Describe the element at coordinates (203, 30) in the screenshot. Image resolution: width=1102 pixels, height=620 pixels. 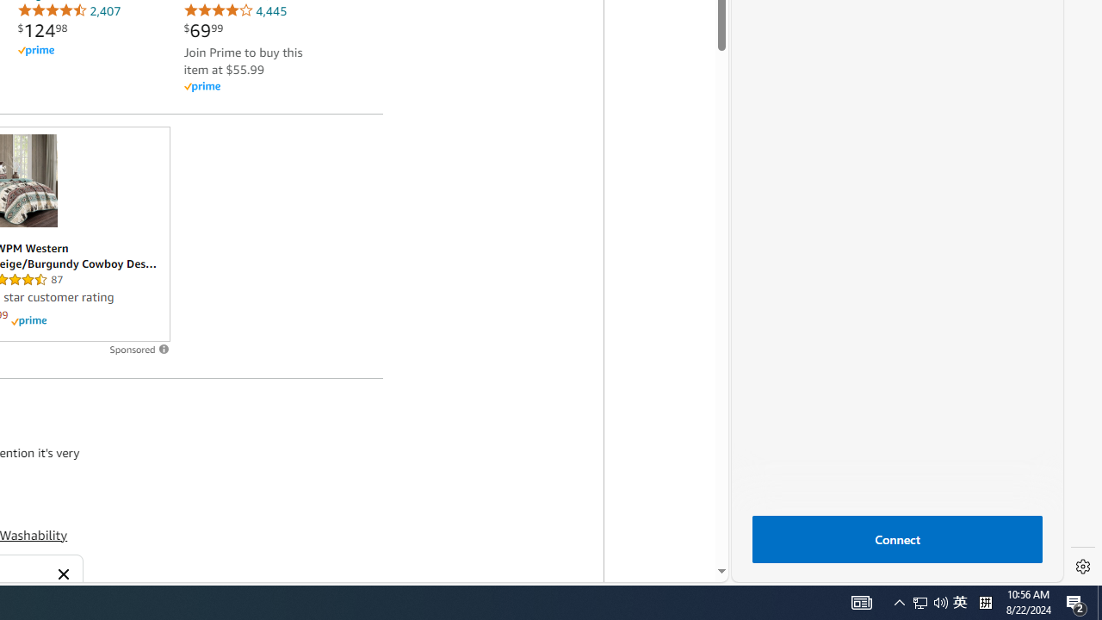
I see `'$69.99'` at that location.